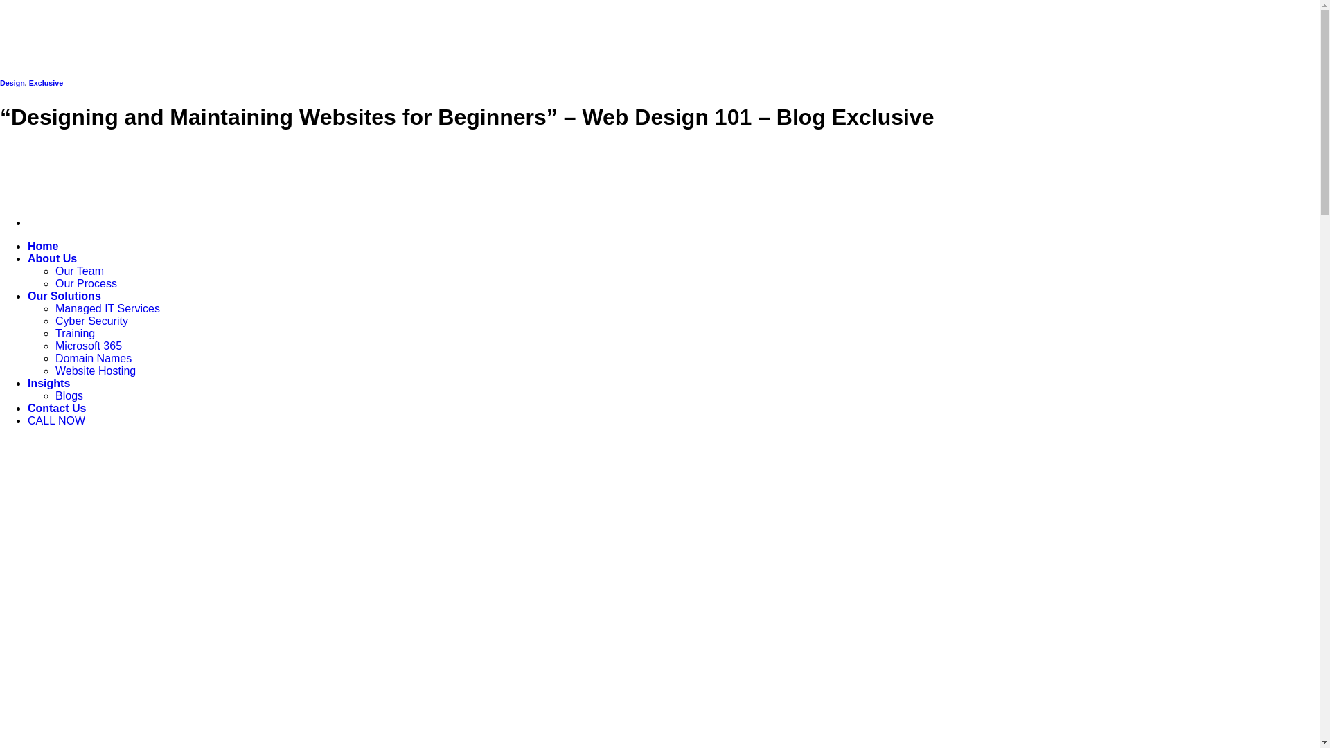  I want to click on 'Our Process', so click(85, 283).